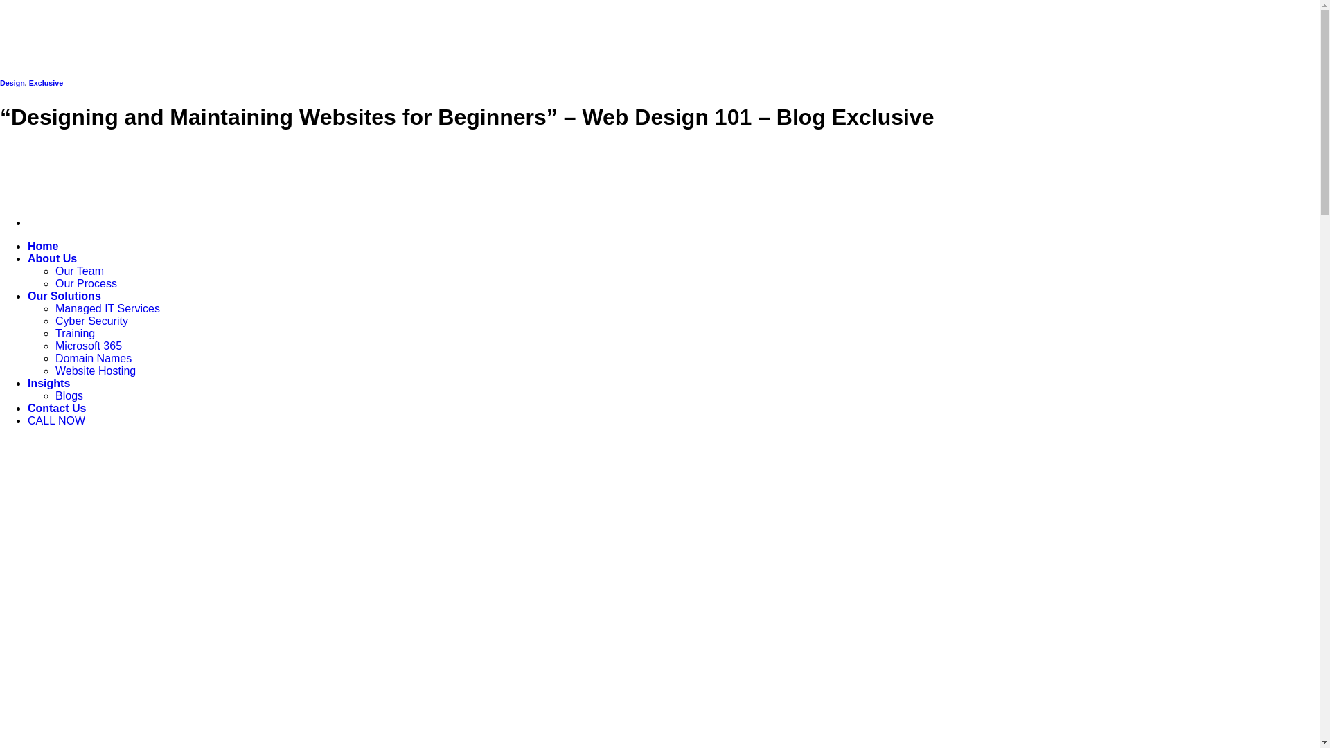  I want to click on 'Our Process', so click(85, 283).